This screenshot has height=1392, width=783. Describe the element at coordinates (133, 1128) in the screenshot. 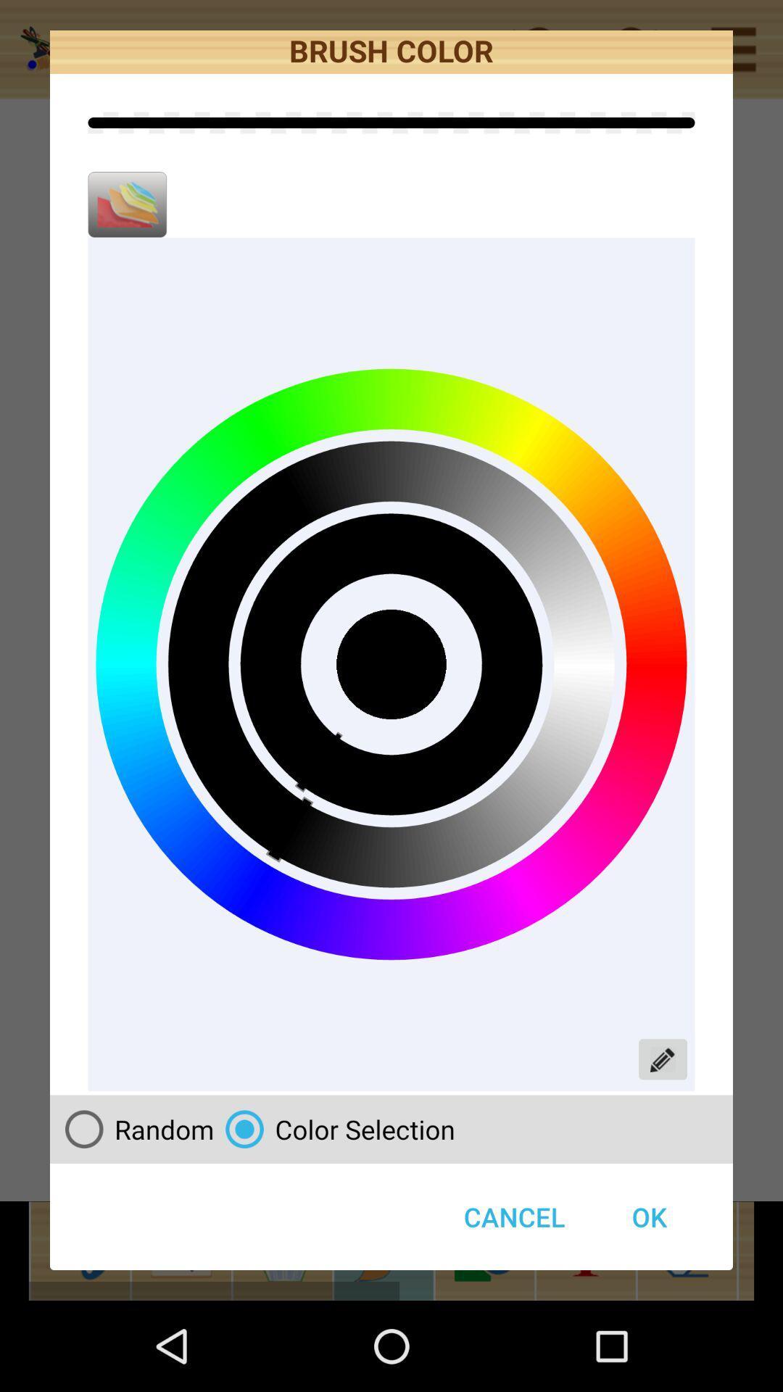

I see `item at the bottom left corner` at that location.